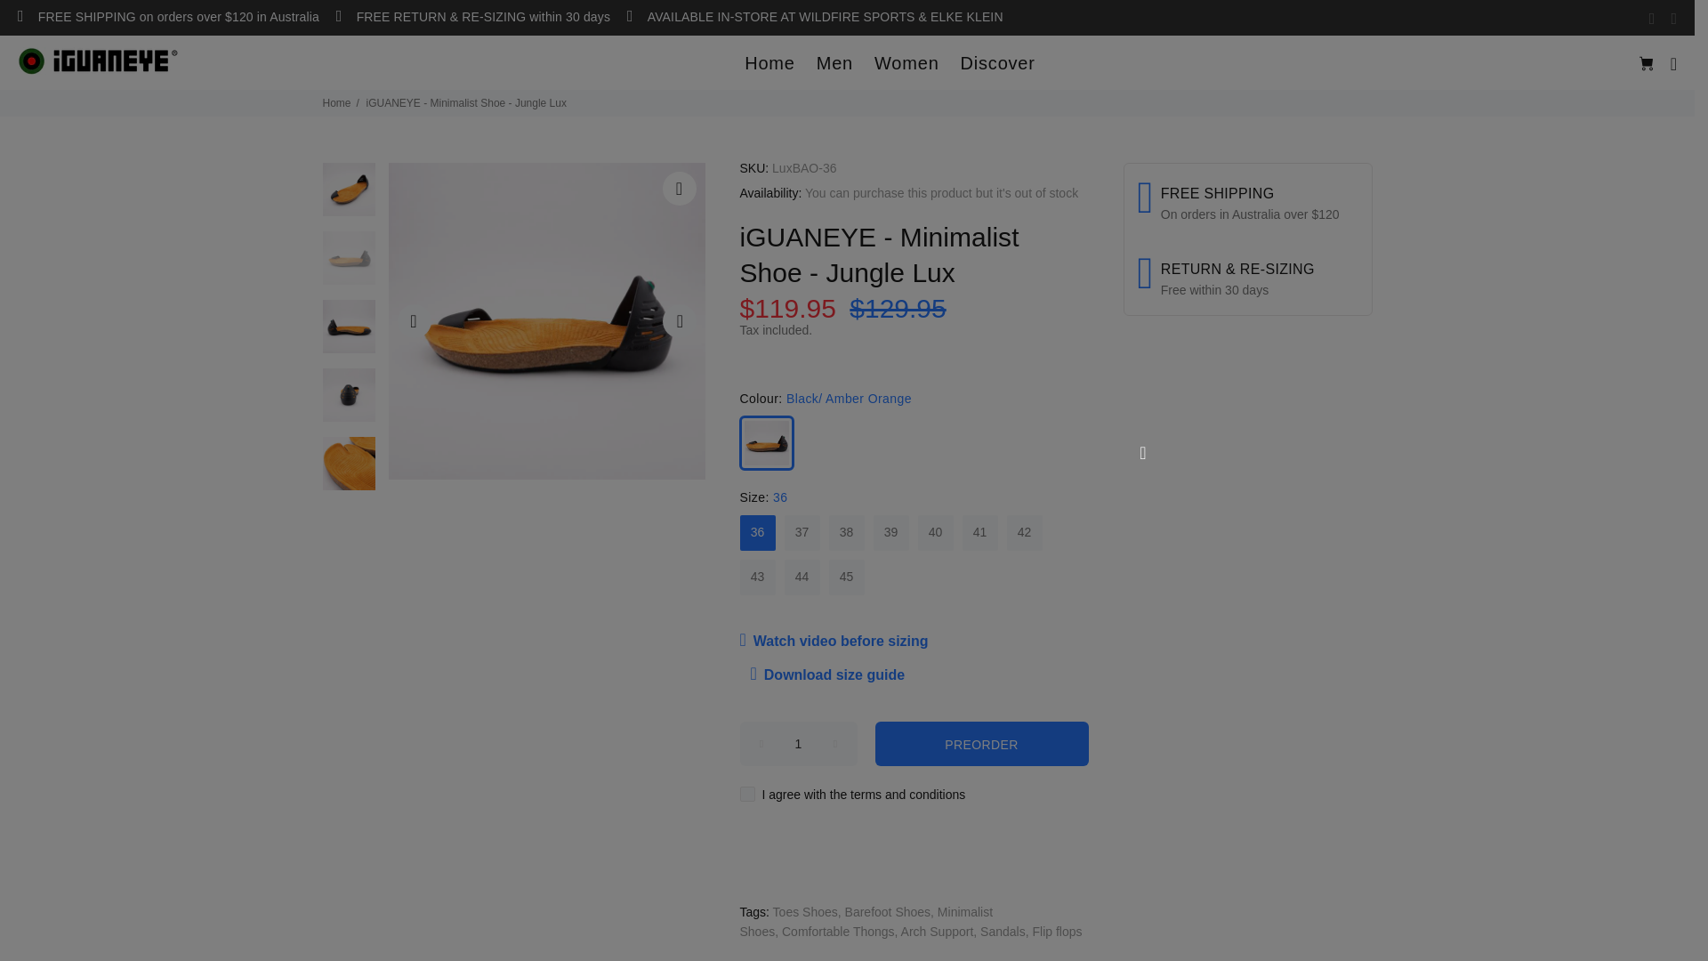 This screenshot has width=1708, height=961. Describe the element at coordinates (678, 321) in the screenshot. I see `'Next'` at that location.